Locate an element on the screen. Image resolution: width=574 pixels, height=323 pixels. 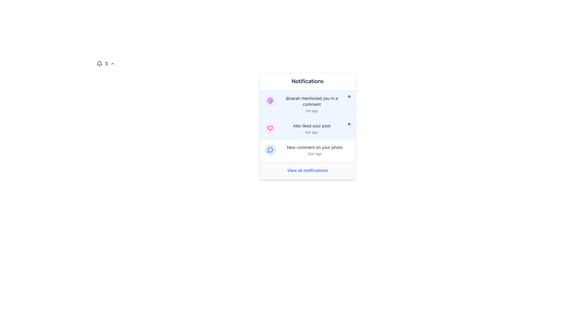
the link at the bottom of the notification dropdown panel is located at coordinates (307, 170).